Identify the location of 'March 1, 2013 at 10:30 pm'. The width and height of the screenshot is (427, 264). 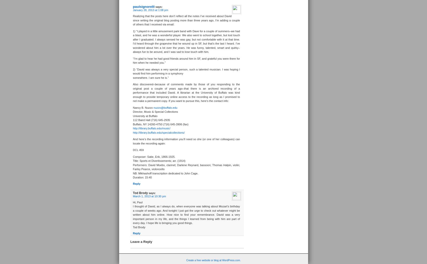
(149, 196).